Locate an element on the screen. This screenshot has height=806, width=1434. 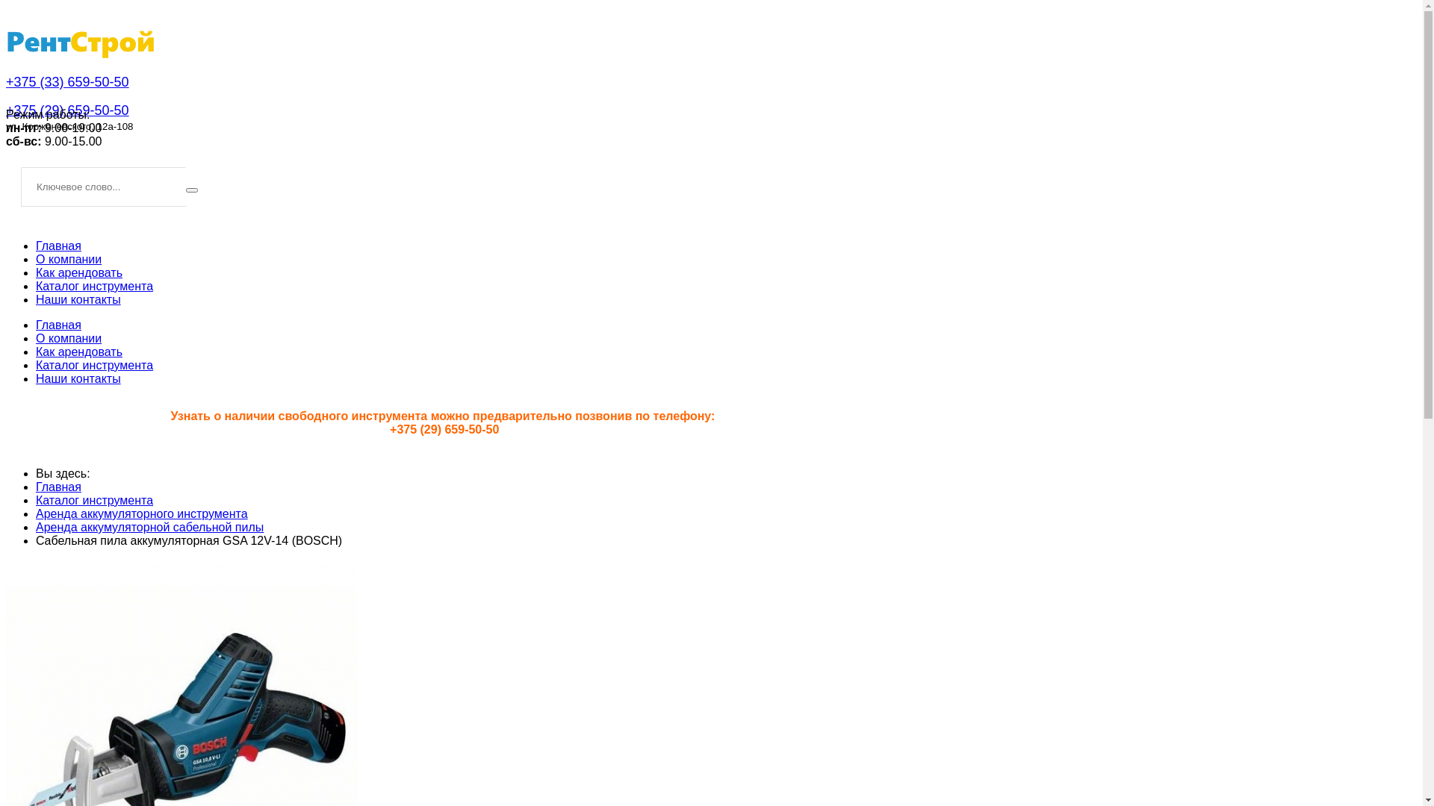
'+375 (29) 659-50-50' is located at coordinates (6, 109).